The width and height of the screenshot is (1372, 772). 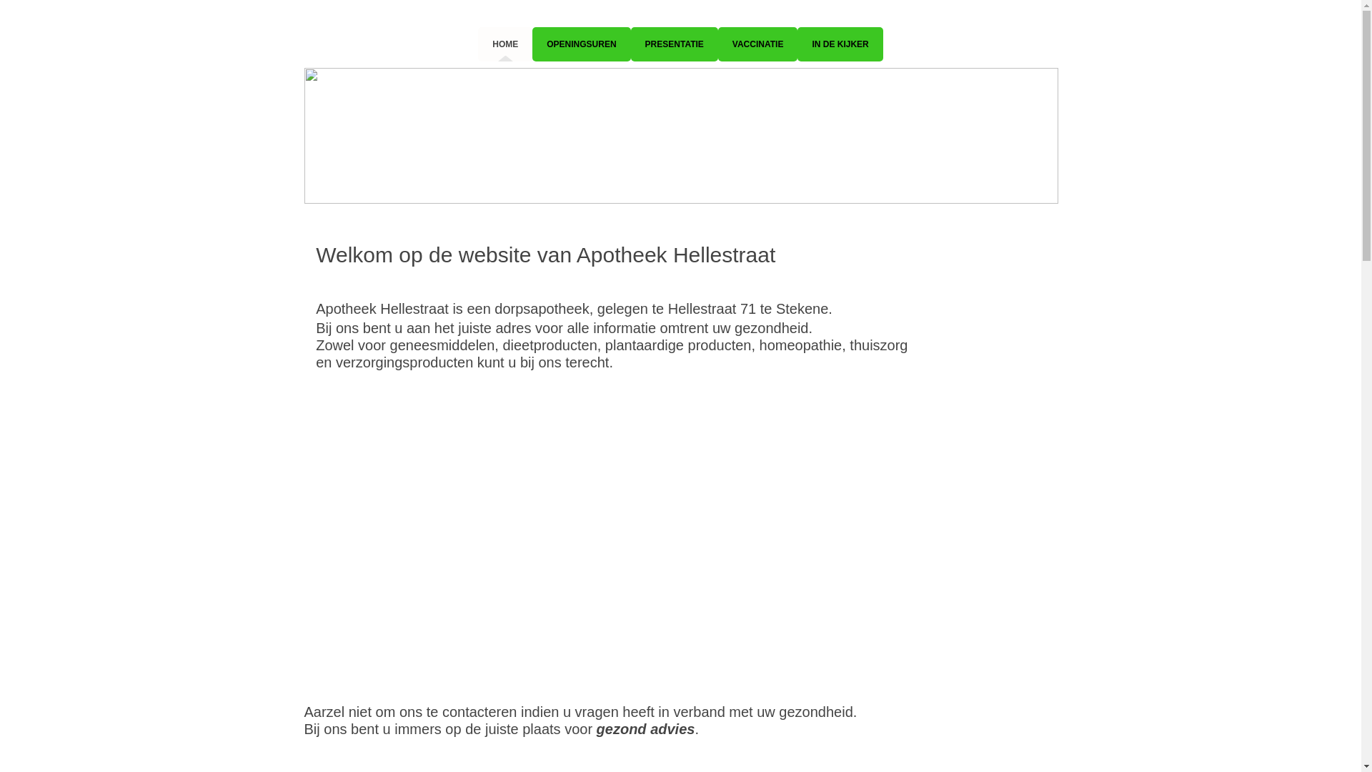 What do you see at coordinates (797, 43) in the screenshot?
I see `'IN DE KIJKER'` at bounding box center [797, 43].